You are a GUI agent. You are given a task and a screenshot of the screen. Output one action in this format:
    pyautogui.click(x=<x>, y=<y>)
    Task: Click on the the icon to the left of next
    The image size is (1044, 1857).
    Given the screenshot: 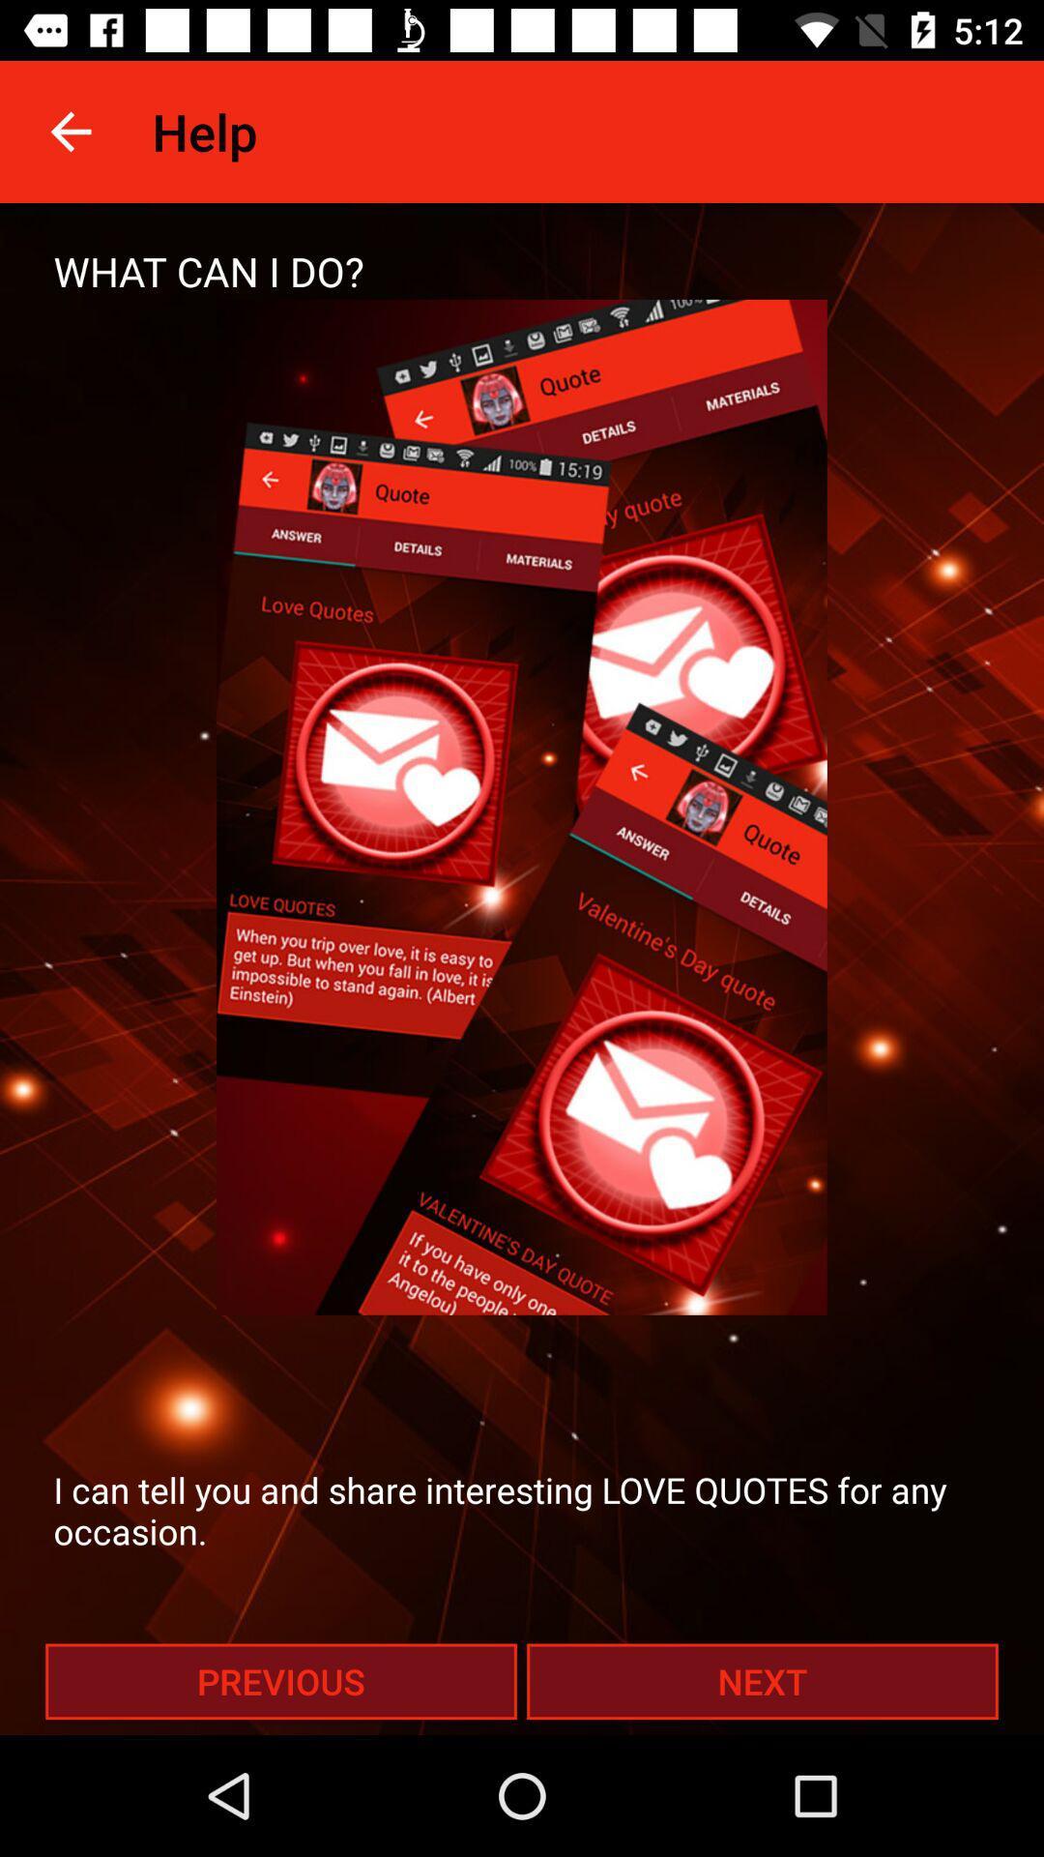 What is the action you would take?
    pyautogui.click(x=280, y=1680)
    